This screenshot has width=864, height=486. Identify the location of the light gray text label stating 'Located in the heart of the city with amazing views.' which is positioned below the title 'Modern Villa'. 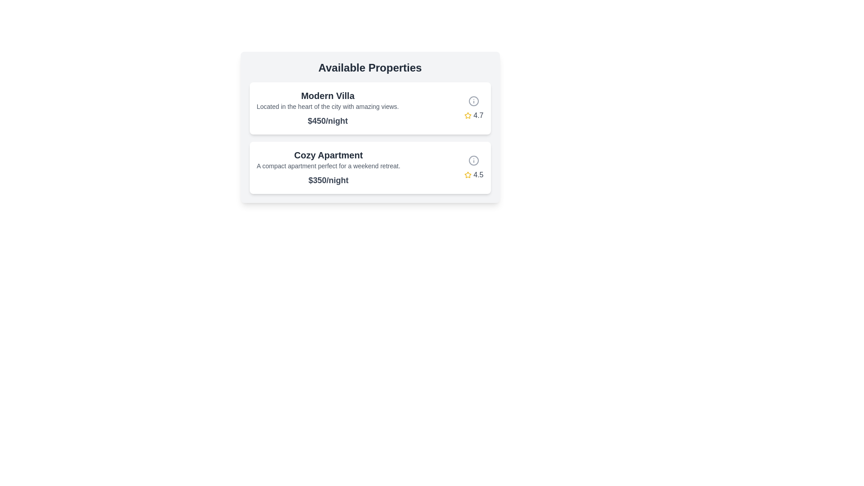
(327, 106).